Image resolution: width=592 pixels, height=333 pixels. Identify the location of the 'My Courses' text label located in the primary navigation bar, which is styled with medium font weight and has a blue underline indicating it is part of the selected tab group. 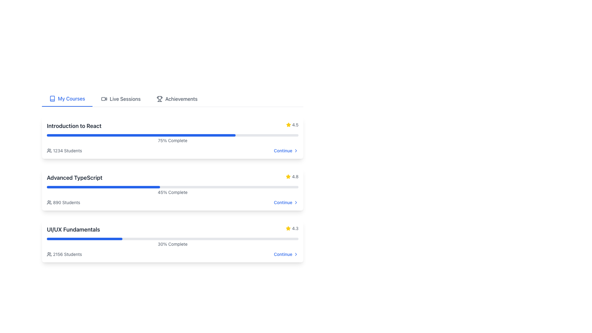
(71, 98).